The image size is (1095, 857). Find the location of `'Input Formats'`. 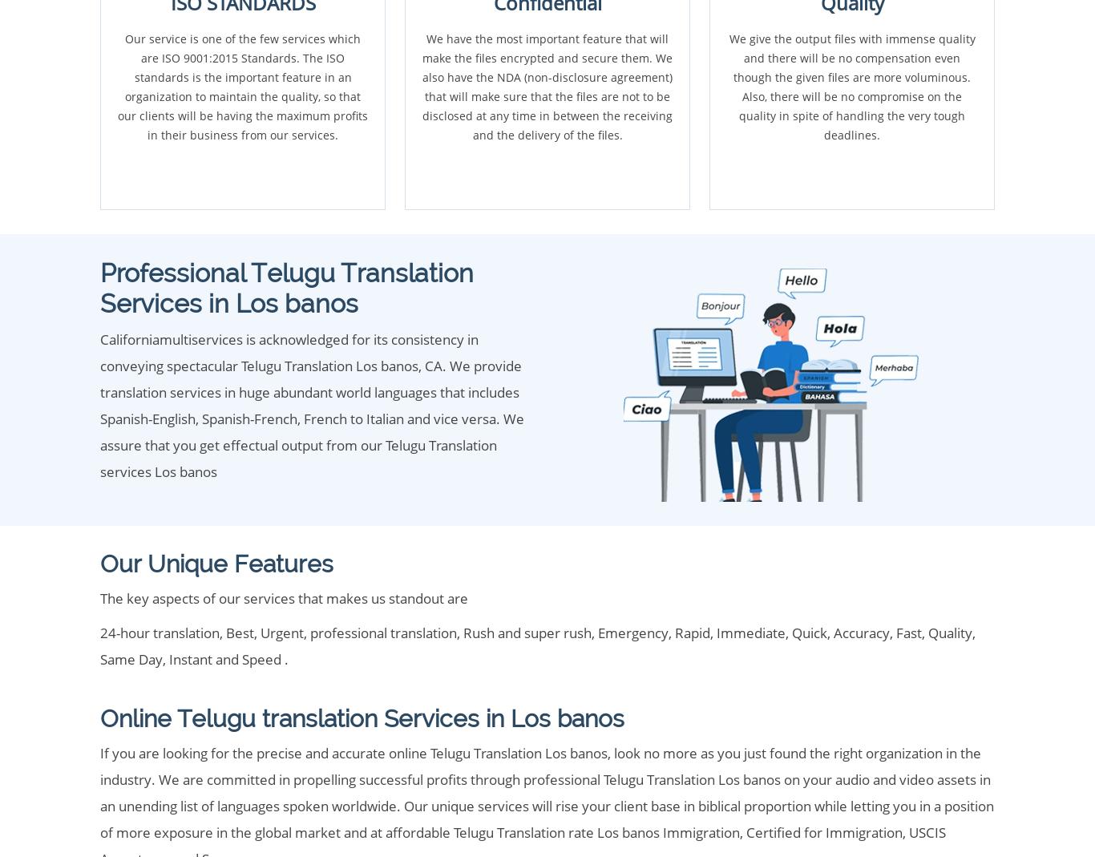

'Input Formats' is located at coordinates (149, 604).